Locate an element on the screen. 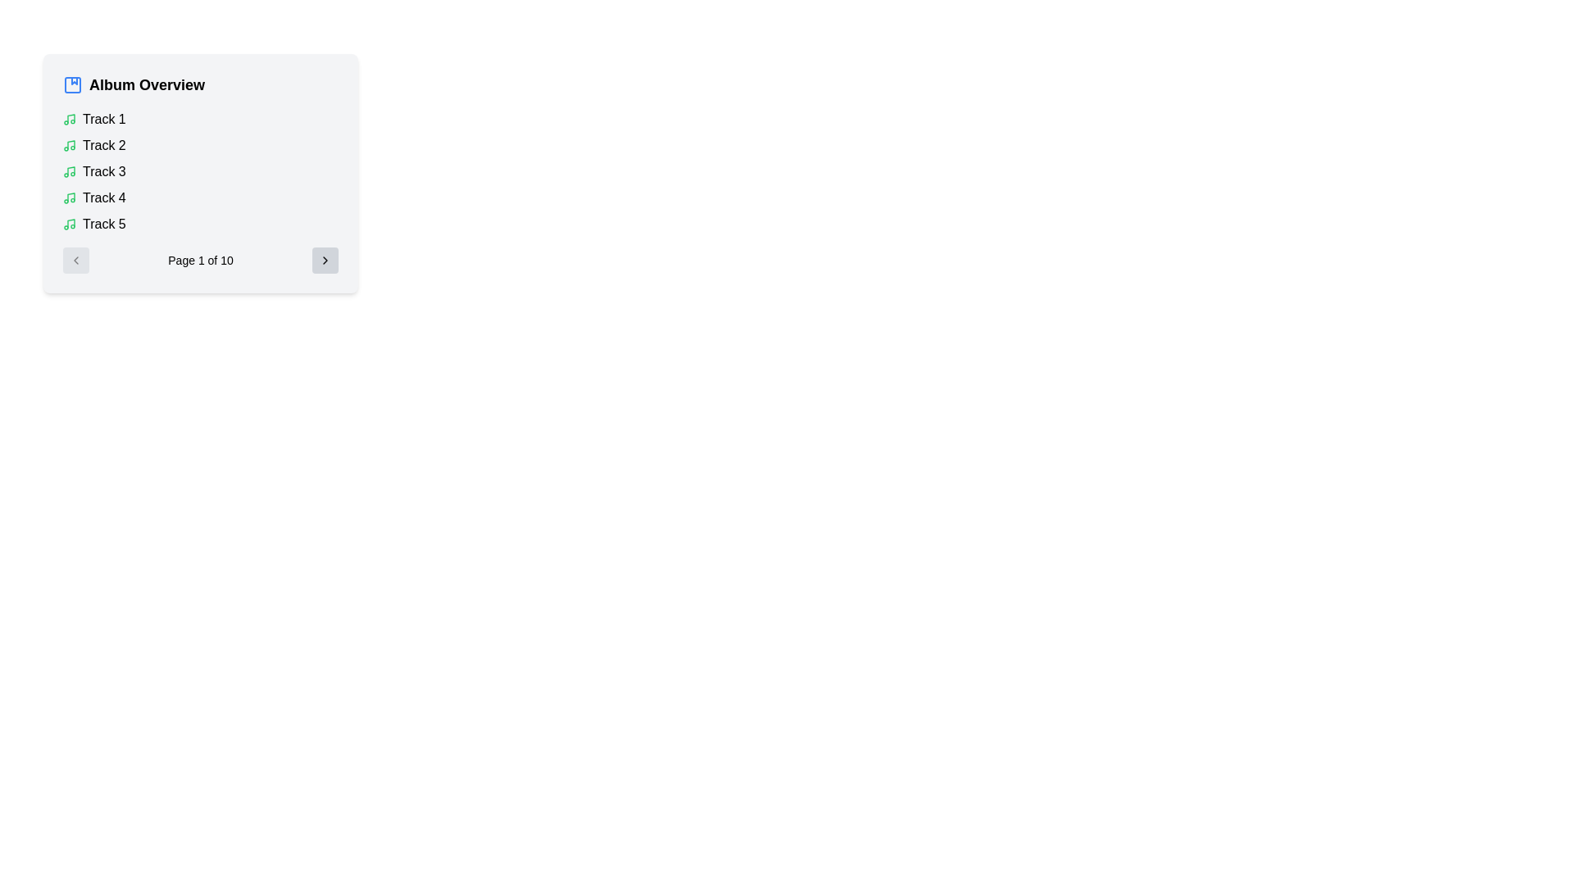 This screenshot has width=1574, height=885. the 'Track 3' text label in the 'Album Overview' list is located at coordinates (103, 171).